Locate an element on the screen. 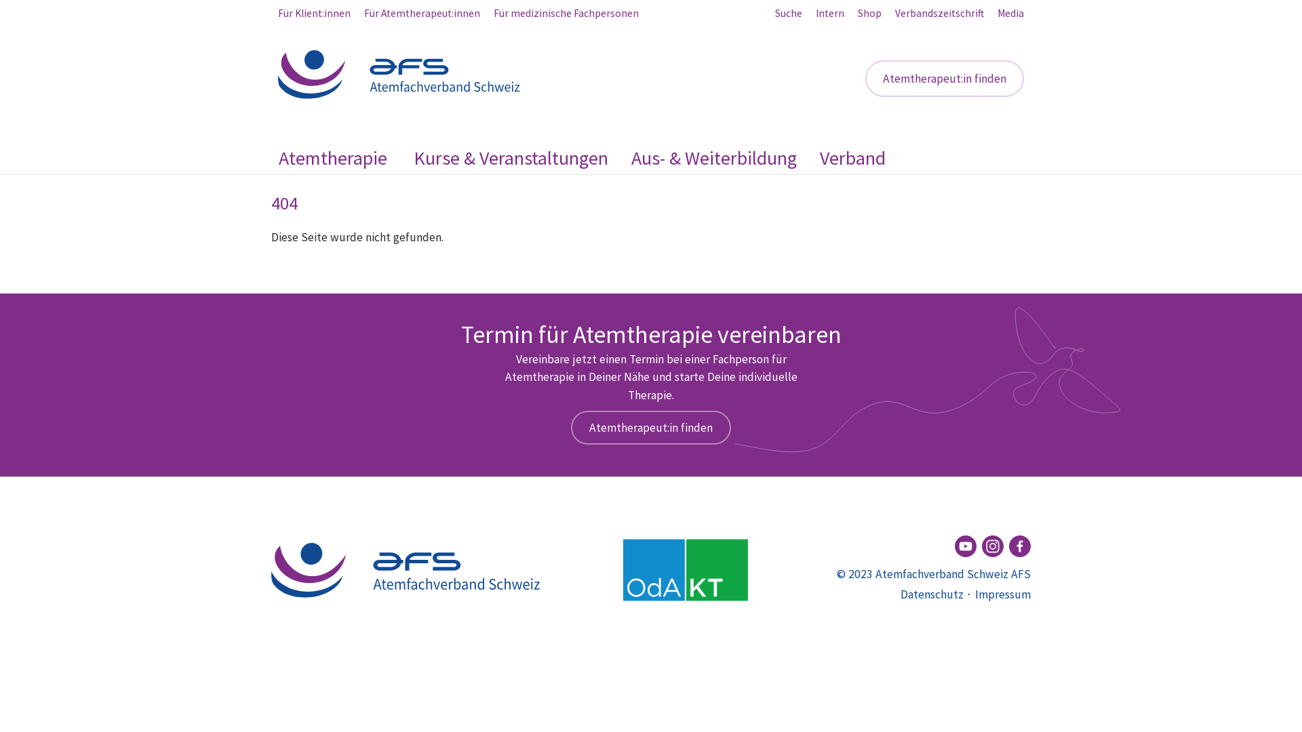 This screenshot has height=732, width=1302. 'Kurse & Veranstaltungen' is located at coordinates (510, 157).